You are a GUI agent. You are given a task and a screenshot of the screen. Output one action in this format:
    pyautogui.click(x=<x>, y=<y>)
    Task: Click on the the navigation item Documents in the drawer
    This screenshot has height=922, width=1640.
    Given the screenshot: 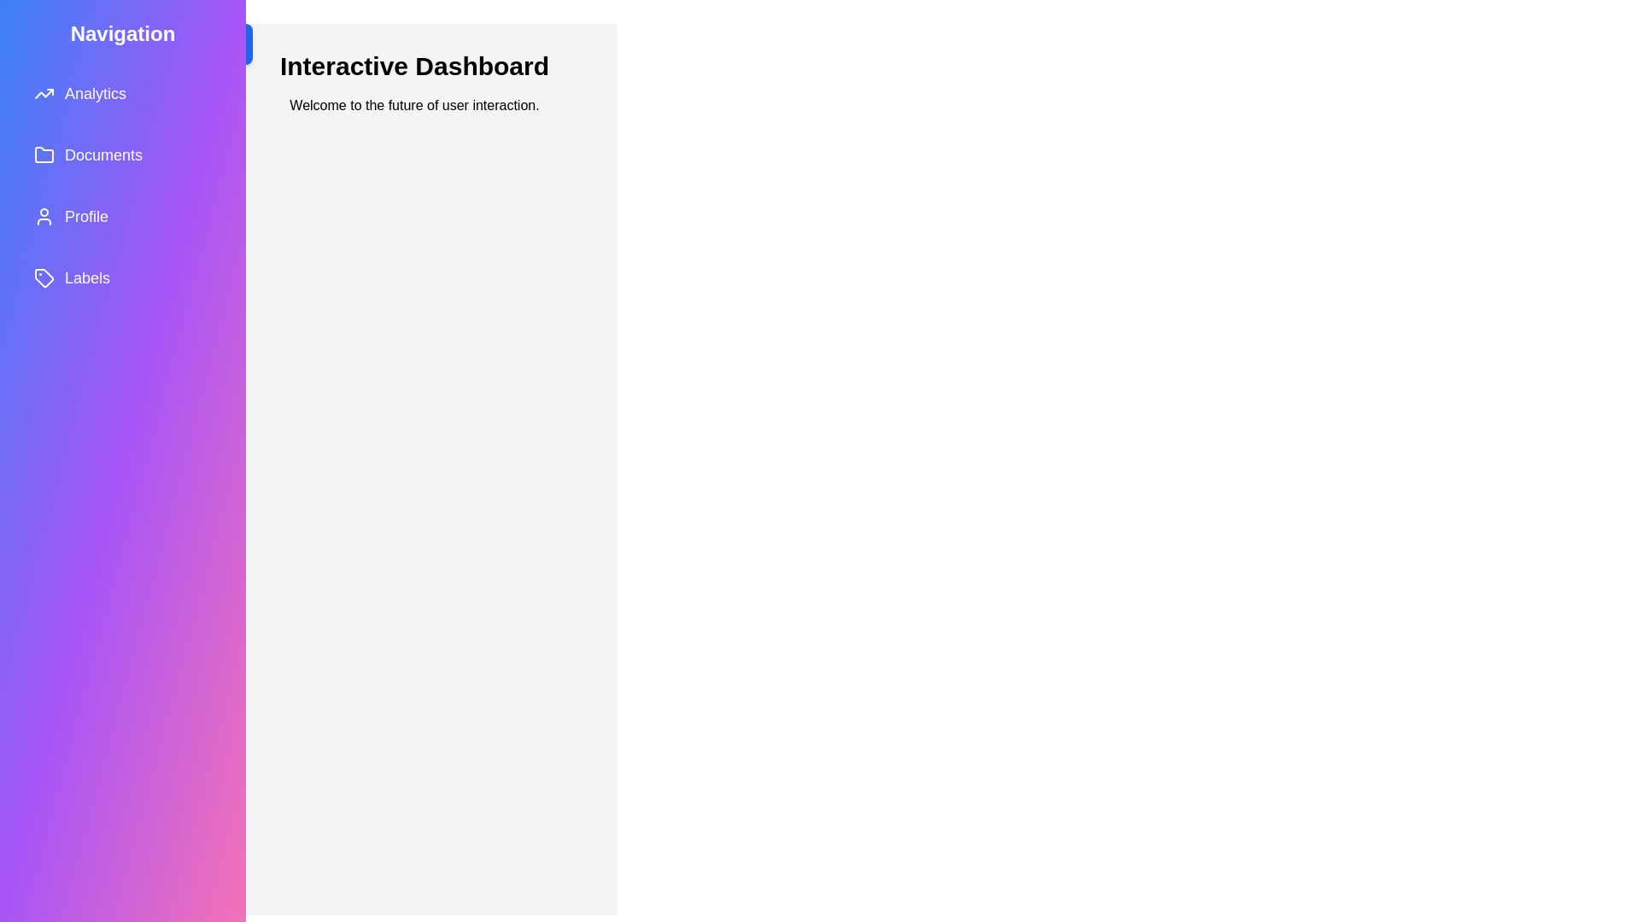 What is the action you would take?
    pyautogui.click(x=122, y=155)
    